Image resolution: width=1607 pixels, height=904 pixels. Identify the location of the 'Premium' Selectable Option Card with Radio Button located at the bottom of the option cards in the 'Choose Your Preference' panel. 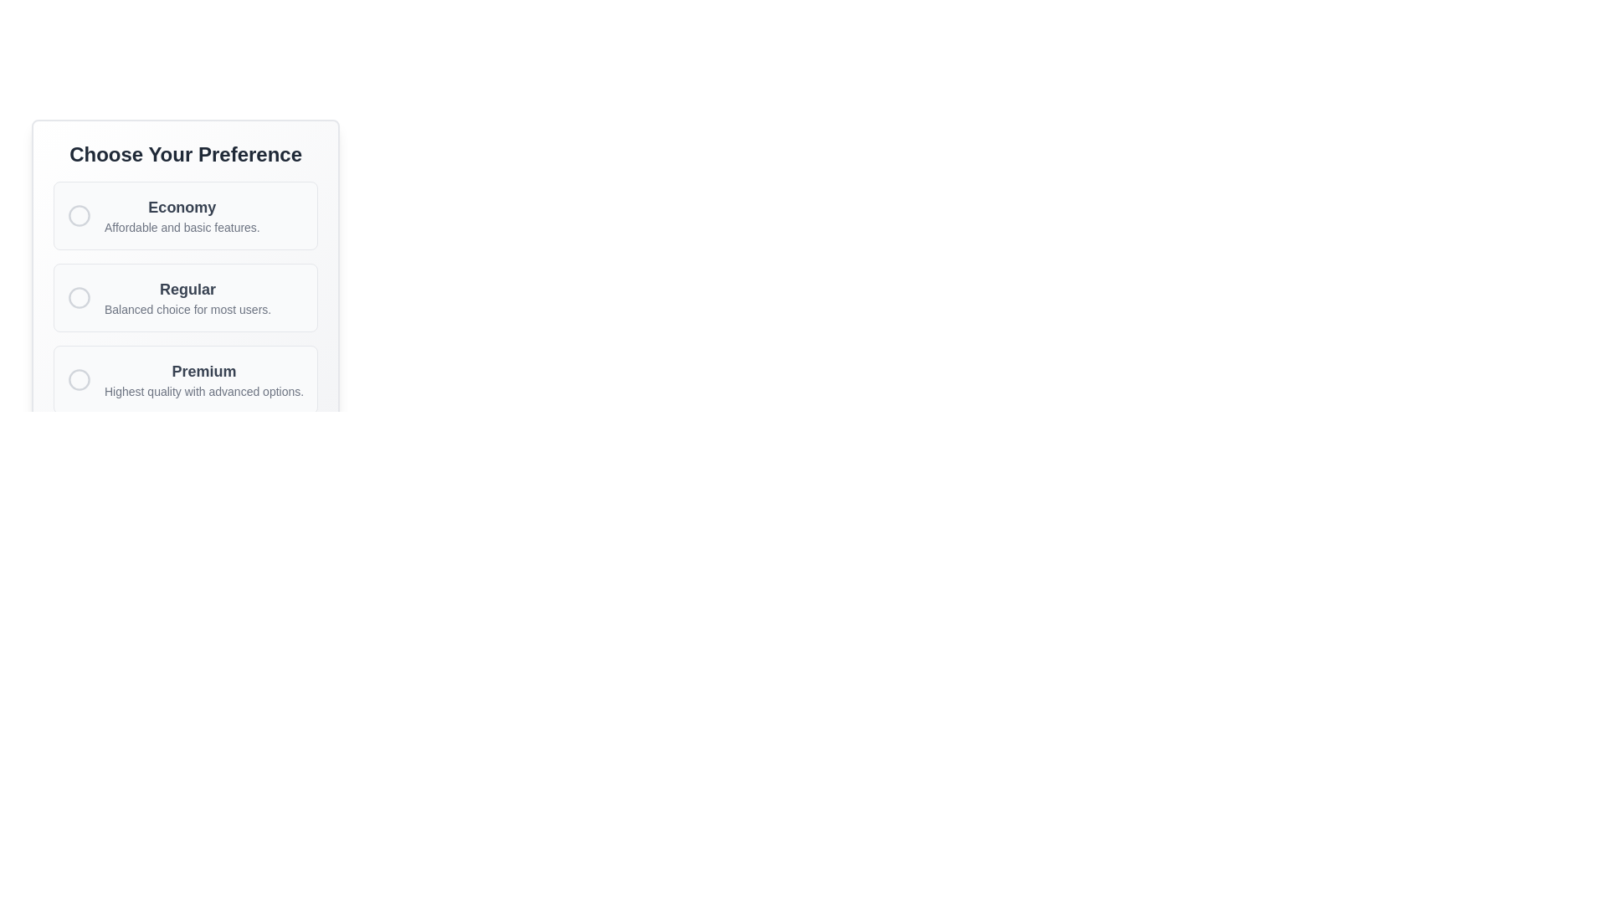
(186, 380).